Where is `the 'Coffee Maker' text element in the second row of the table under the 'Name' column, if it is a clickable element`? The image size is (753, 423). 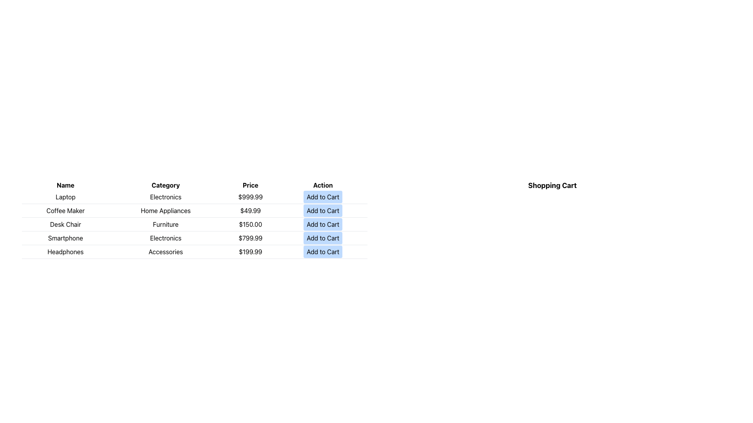 the 'Coffee Maker' text element in the second row of the table under the 'Name' column, if it is a clickable element is located at coordinates (65, 210).